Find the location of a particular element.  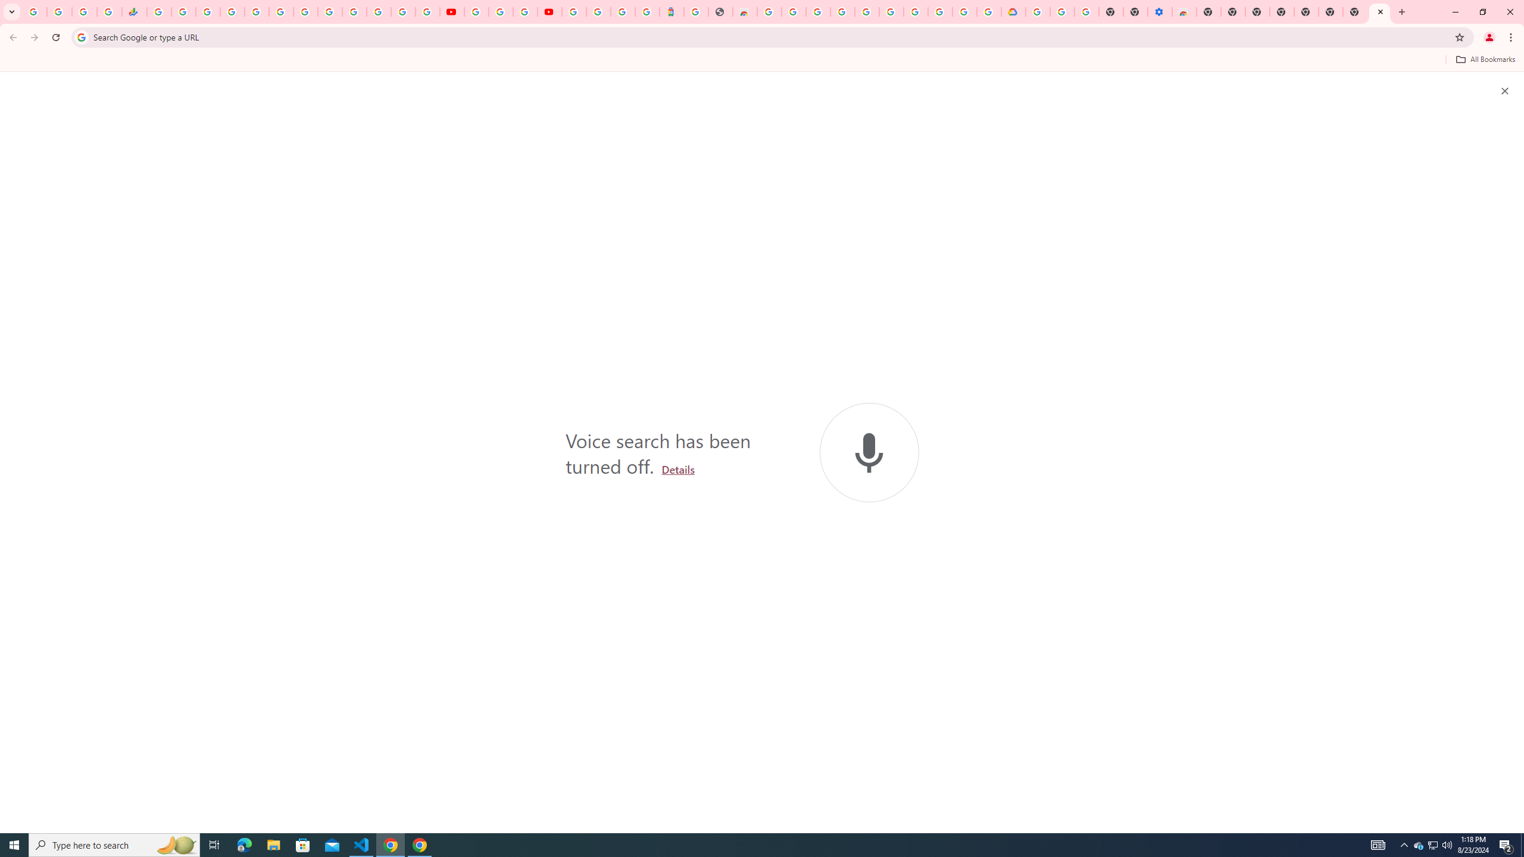

'Turn cookies on or off - Computer - Google Account Help' is located at coordinates (1087, 11).